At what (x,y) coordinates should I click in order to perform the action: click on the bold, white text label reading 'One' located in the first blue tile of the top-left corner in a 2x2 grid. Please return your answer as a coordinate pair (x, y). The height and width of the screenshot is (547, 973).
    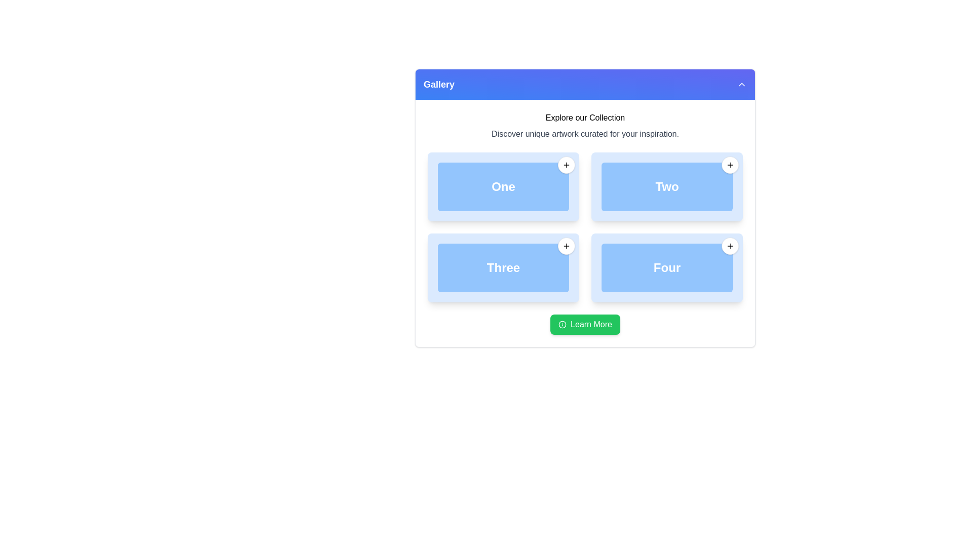
    Looking at the image, I should click on (503, 187).